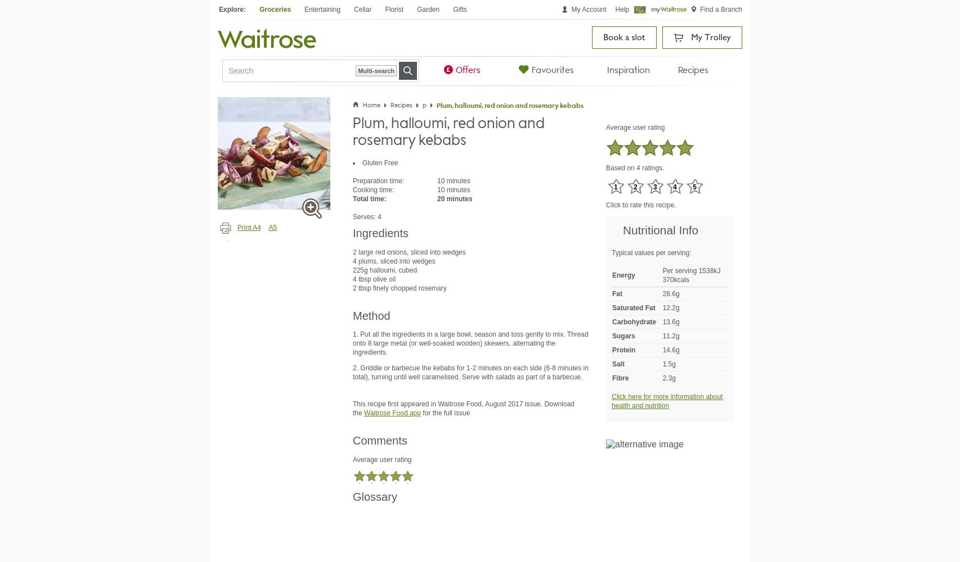 This screenshot has width=960, height=562. Describe the element at coordinates (618, 364) in the screenshot. I see `'Salt'` at that location.